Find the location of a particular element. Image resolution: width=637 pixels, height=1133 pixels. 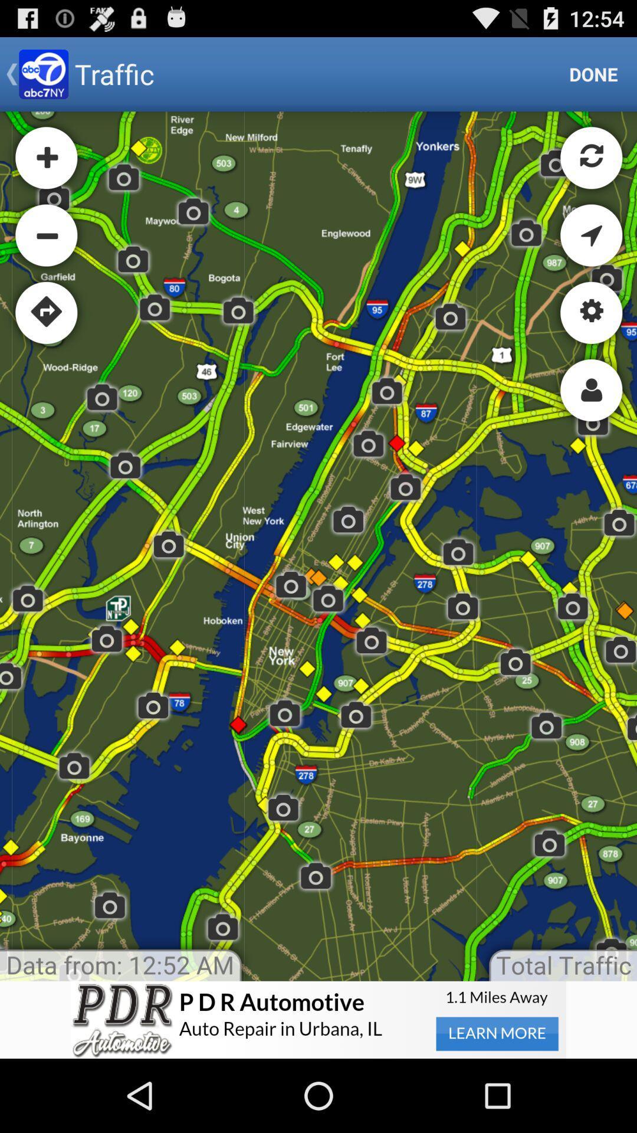

adverdisement is located at coordinates (318, 1019).